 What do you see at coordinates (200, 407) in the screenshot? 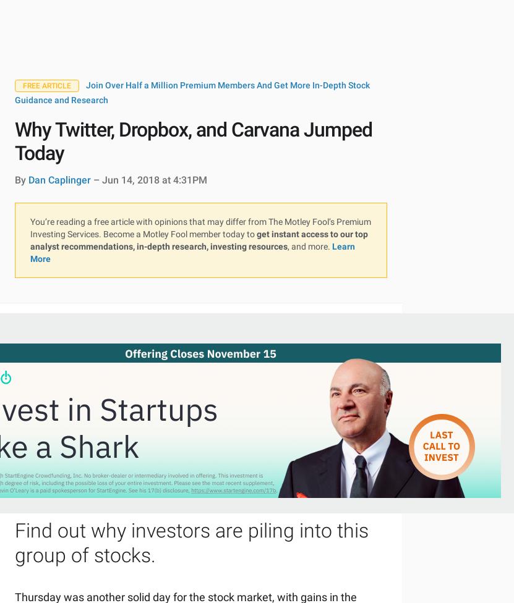
I see `'Join Stock Advisor'` at bounding box center [200, 407].